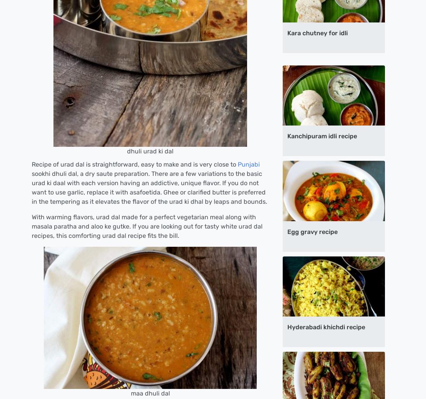 This screenshot has width=426, height=399. What do you see at coordinates (135, 164) in the screenshot?
I see `'Recipe of urad dal is straightforward, easy to make and is very close to'` at bounding box center [135, 164].